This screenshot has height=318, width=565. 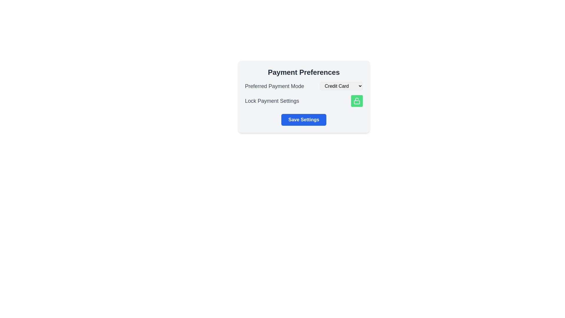 What do you see at coordinates (272, 101) in the screenshot?
I see `the text display element that says 'Lock Payment Settings', which is styled in gray and slightly larger than standard text, positioned below the 'Preferred Payment Mode' dropdown menu and to the left of a green button with a lock icon` at bounding box center [272, 101].